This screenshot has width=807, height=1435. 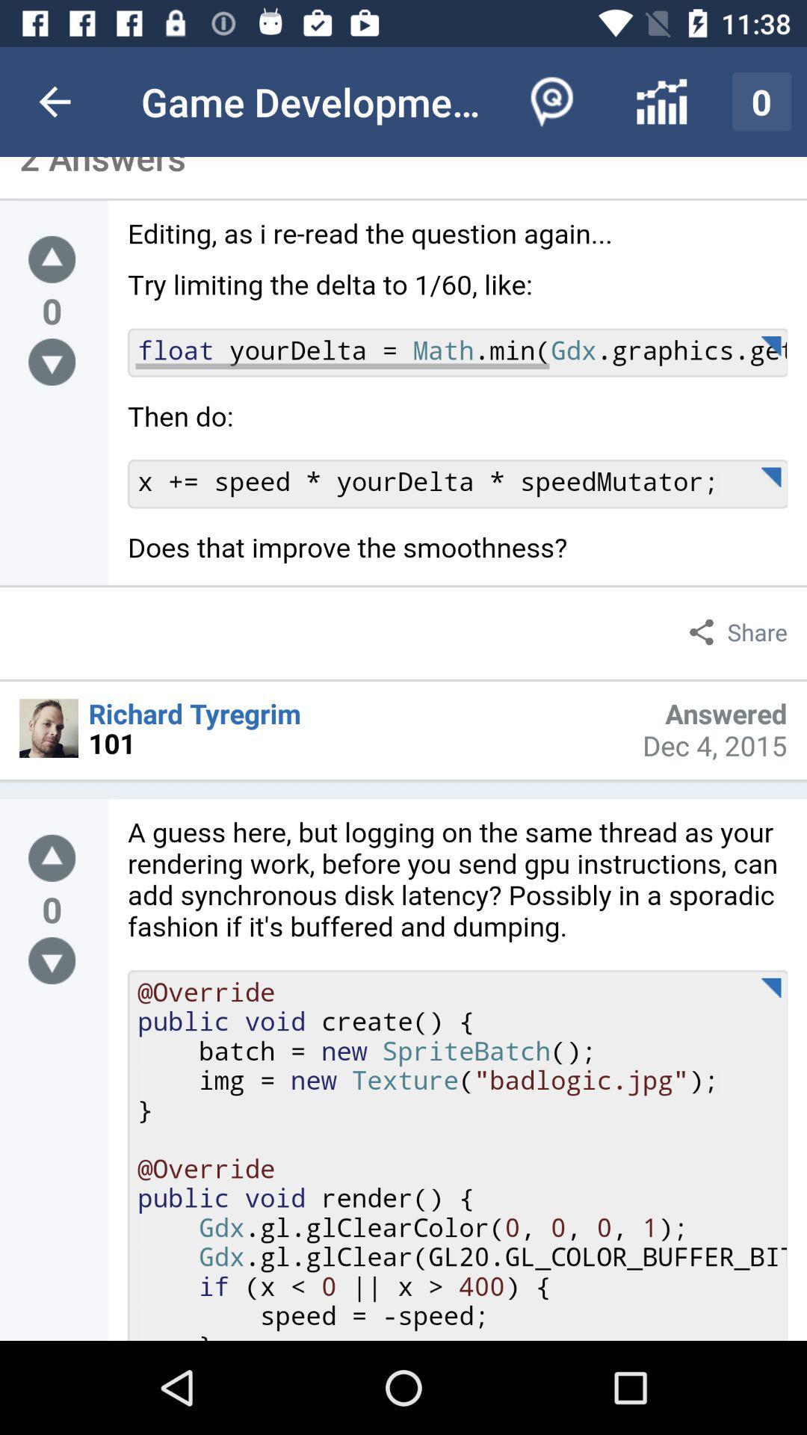 What do you see at coordinates (48, 728) in the screenshot?
I see `this profile` at bounding box center [48, 728].